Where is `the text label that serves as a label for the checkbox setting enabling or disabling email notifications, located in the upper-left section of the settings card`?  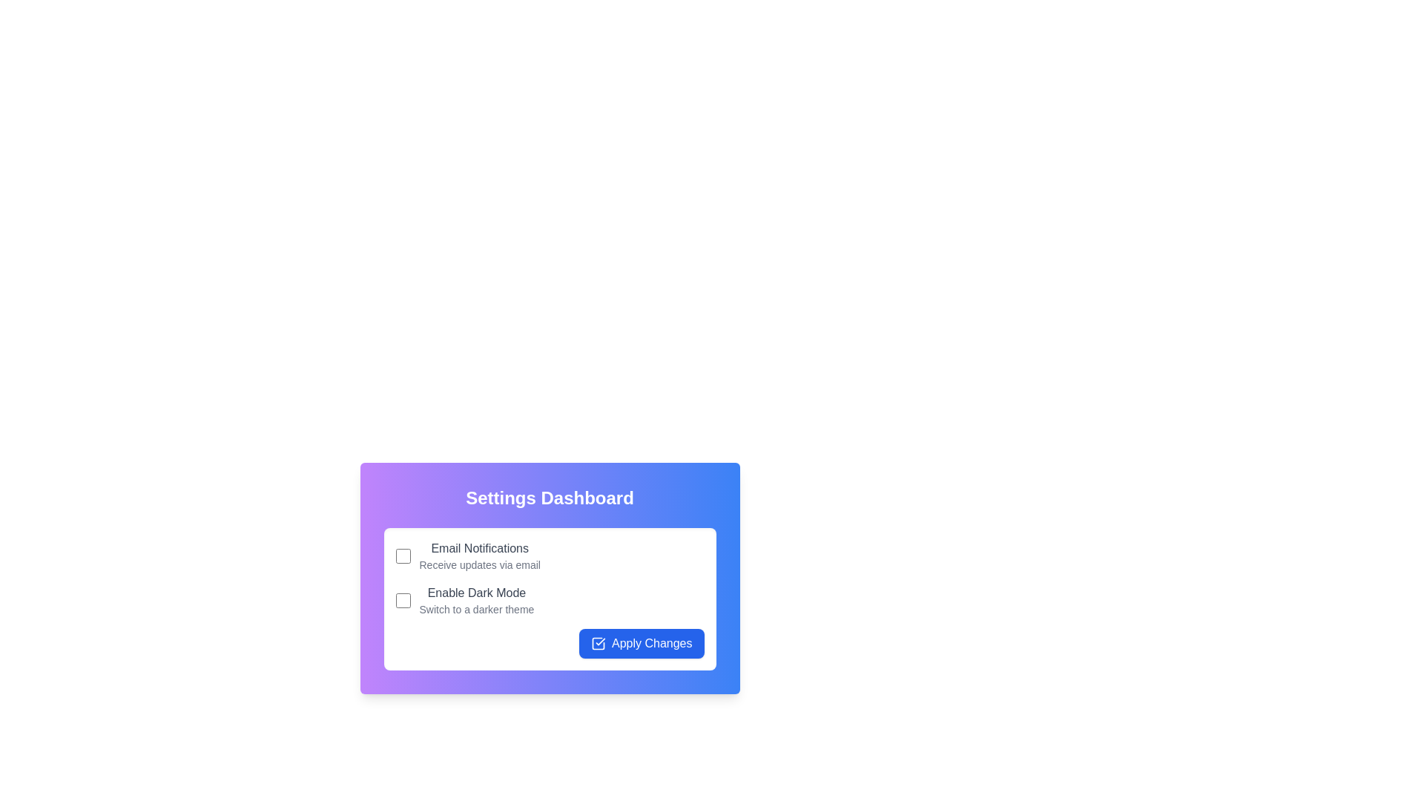 the text label that serves as a label for the checkbox setting enabling or disabling email notifications, located in the upper-left section of the settings card is located at coordinates (480, 548).